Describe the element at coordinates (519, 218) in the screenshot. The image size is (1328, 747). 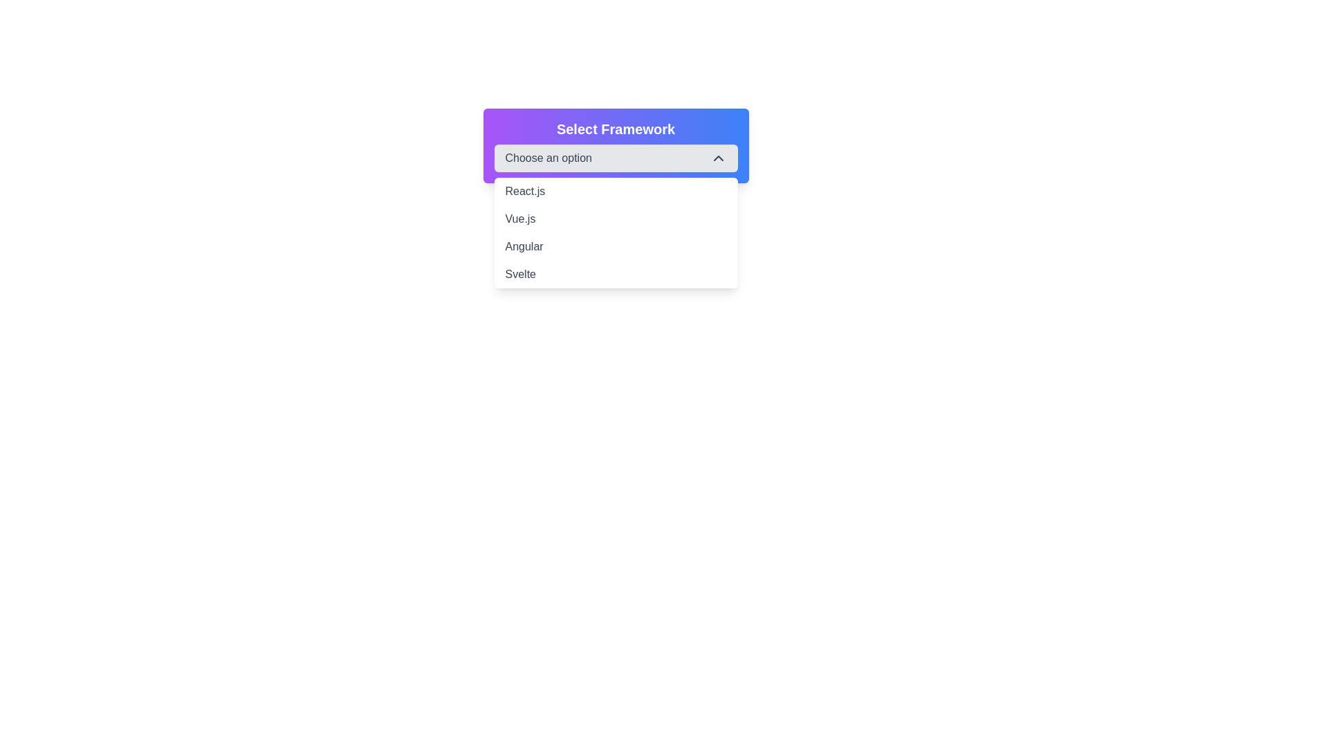
I see `the 'Vue.js' text label in the dropdown menu` at that location.